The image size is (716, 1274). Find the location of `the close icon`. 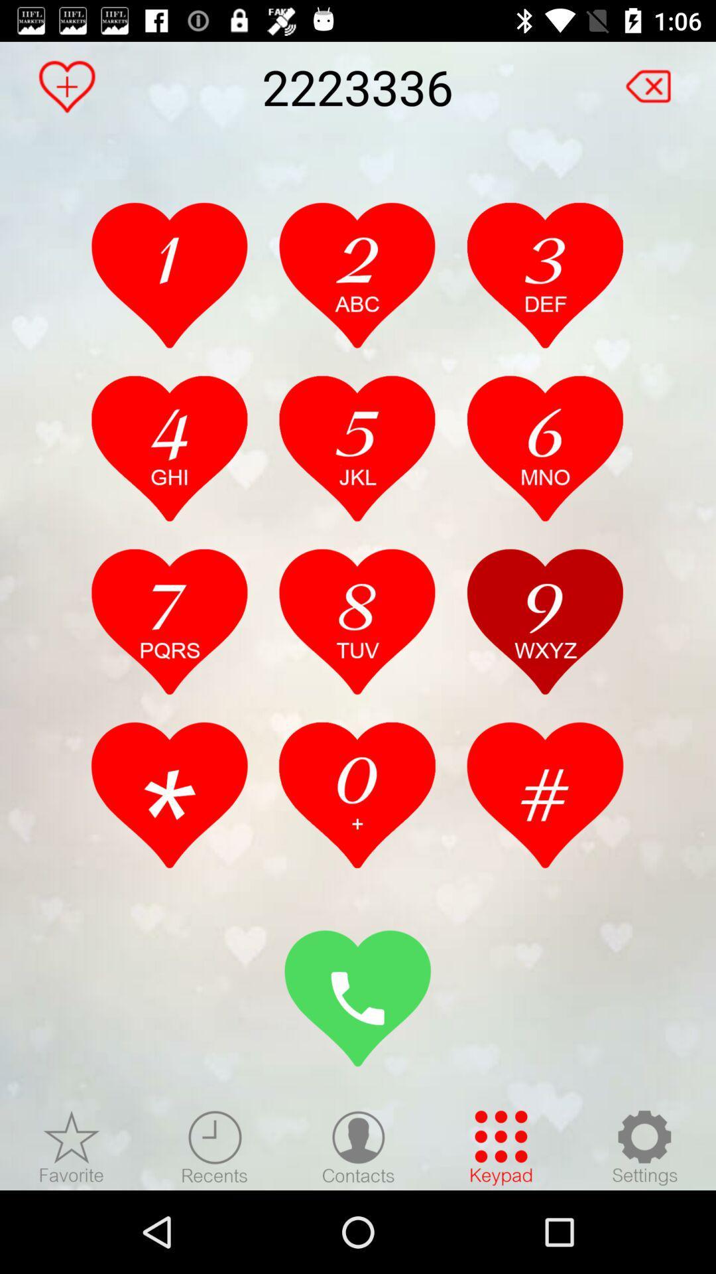

the close icon is located at coordinates (655, 80).